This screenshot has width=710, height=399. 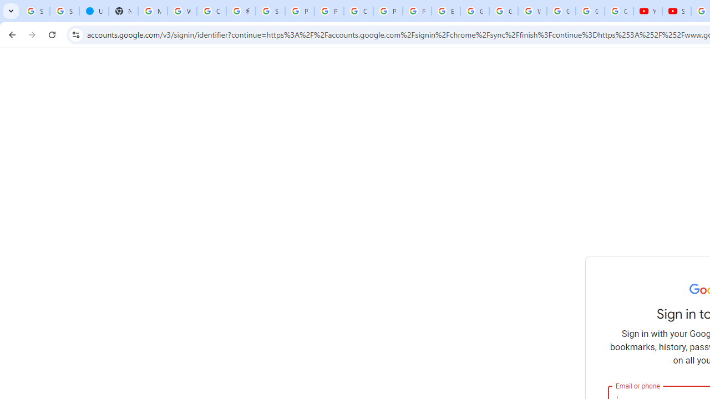 I want to click on 'Google Slides: Sign-in', so click(x=474, y=11).